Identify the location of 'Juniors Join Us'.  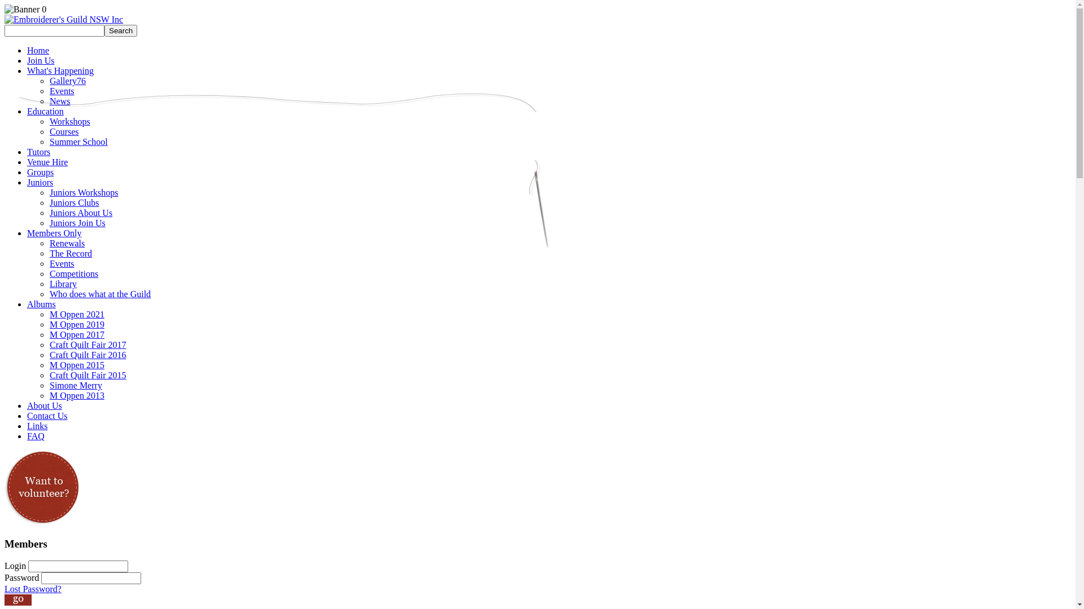
(77, 223).